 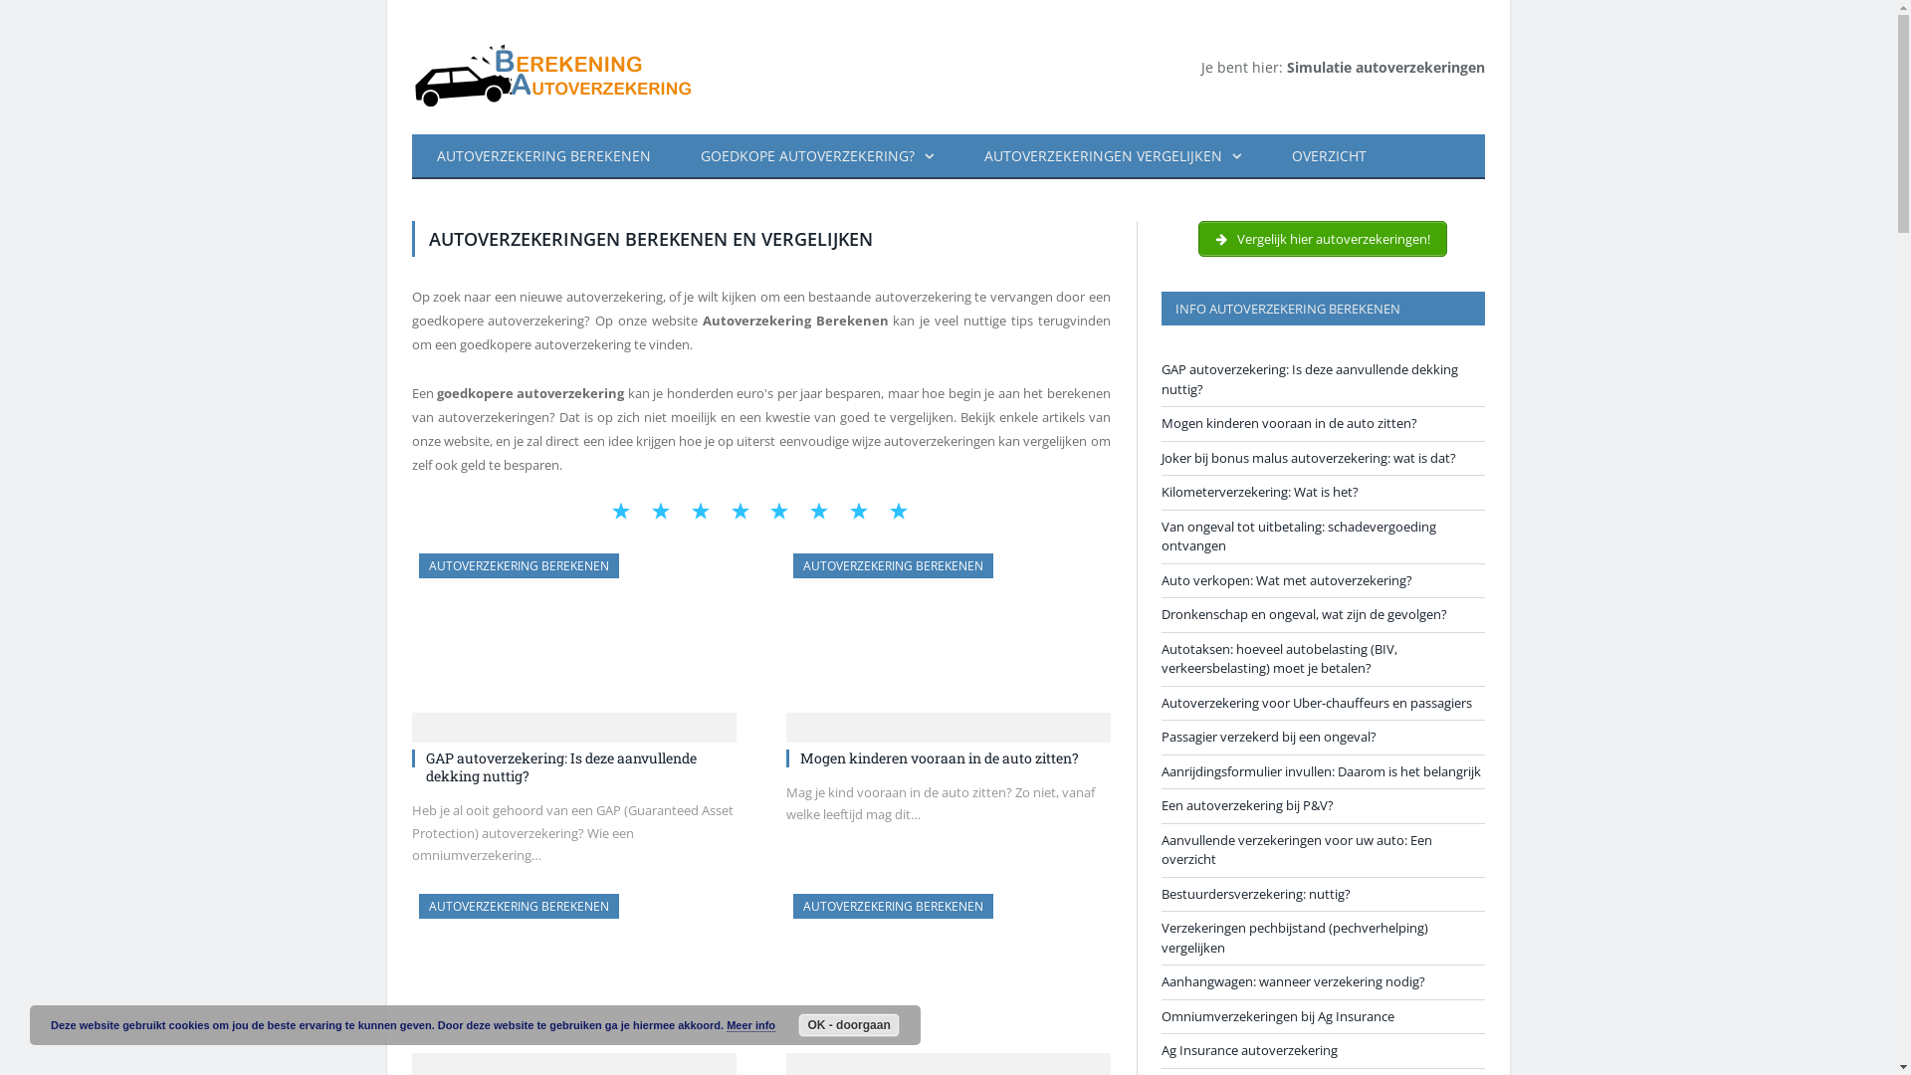 What do you see at coordinates (749, 1025) in the screenshot?
I see `'Meer info'` at bounding box center [749, 1025].